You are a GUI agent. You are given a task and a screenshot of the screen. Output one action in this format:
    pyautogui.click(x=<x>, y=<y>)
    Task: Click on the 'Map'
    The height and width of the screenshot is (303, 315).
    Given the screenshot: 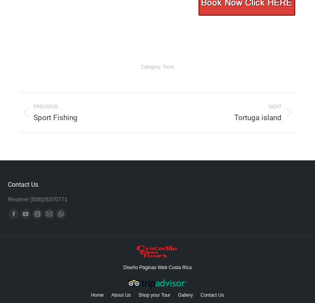 What is the action you would take?
    pyautogui.click(x=211, y=281)
    